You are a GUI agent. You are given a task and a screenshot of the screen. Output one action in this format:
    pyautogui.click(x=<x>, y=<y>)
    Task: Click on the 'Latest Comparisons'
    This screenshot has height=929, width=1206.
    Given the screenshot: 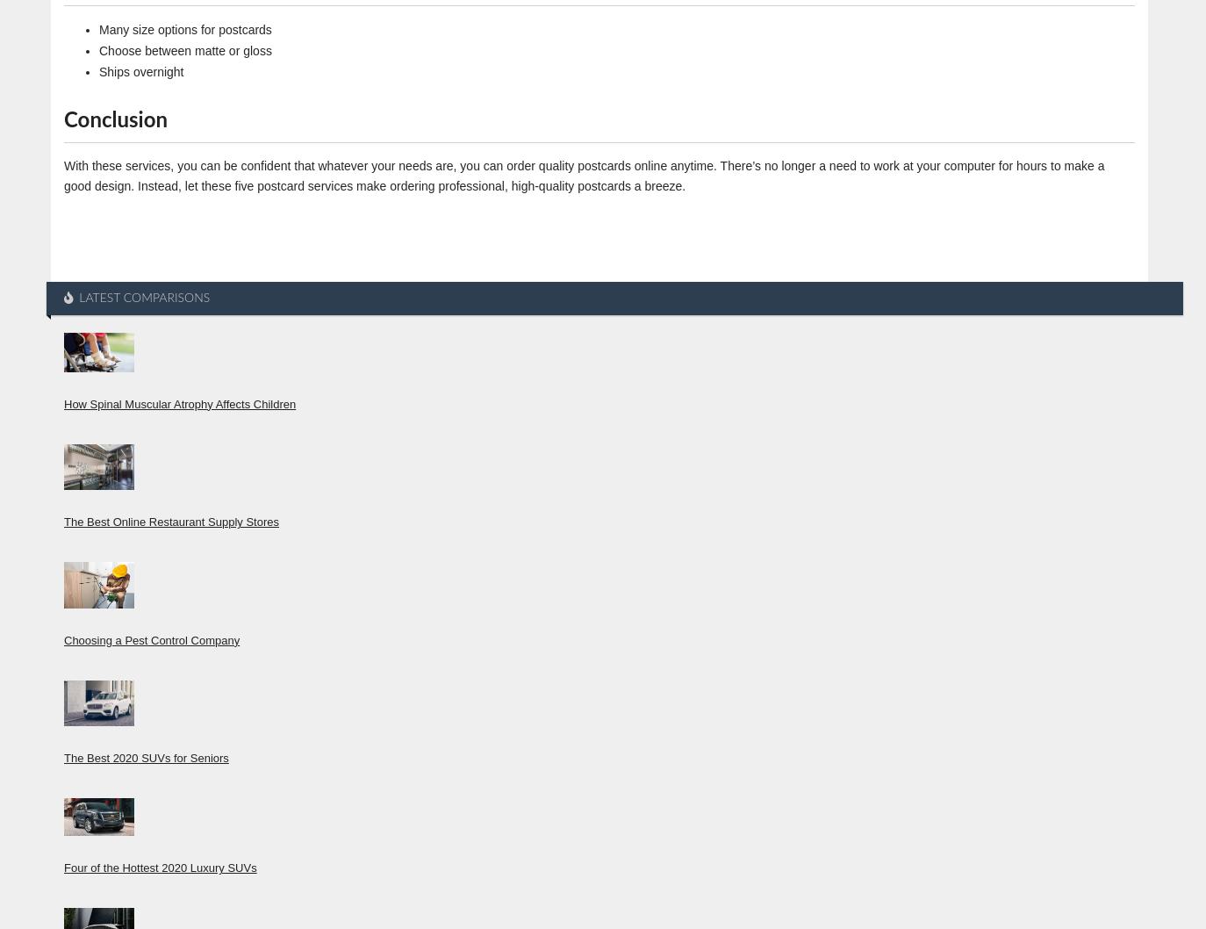 What is the action you would take?
    pyautogui.click(x=75, y=296)
    